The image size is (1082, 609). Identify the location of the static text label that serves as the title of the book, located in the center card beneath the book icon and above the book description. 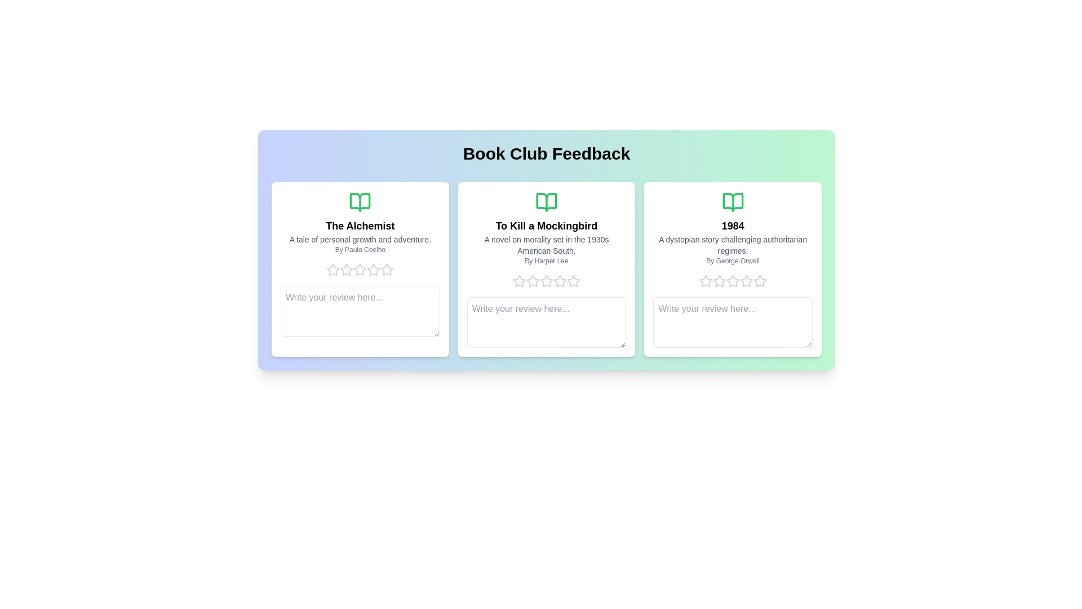
(546, 226).